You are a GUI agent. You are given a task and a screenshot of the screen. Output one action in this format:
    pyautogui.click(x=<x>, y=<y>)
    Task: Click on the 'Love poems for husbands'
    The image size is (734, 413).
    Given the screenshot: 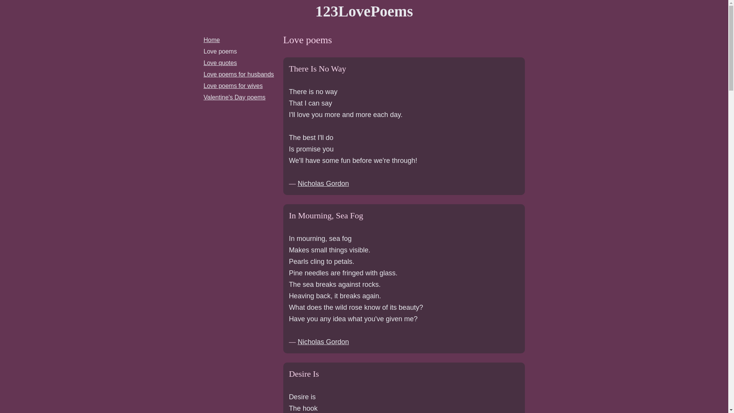 What is the action you would take?
    pyautogui.click(x=238, y=74)
    